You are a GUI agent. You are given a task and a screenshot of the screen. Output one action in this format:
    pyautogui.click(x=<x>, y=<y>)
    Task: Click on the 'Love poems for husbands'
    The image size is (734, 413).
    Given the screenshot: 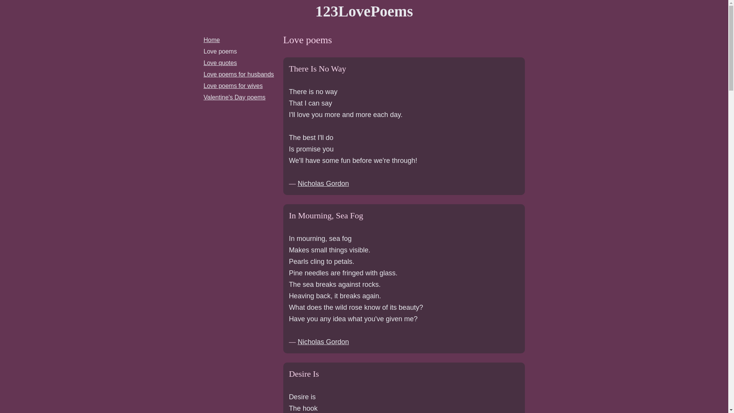 What is the action you would take?
    pyautogui.click(x=238, y=74)
    